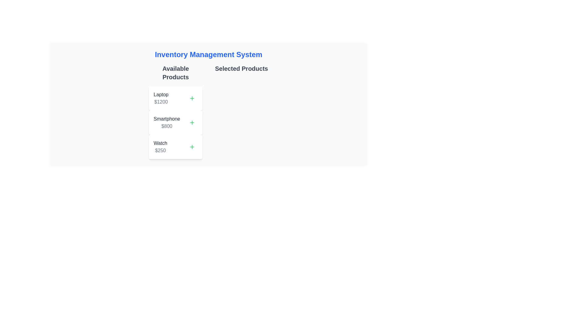  What do you see at coordinates (160, 143) in the screenshot?
I see `the text label displaying 'Watch' which is part of the product list, aligned to the left and positioned beneath 'Available Products'` at bounding box center [160, 143].